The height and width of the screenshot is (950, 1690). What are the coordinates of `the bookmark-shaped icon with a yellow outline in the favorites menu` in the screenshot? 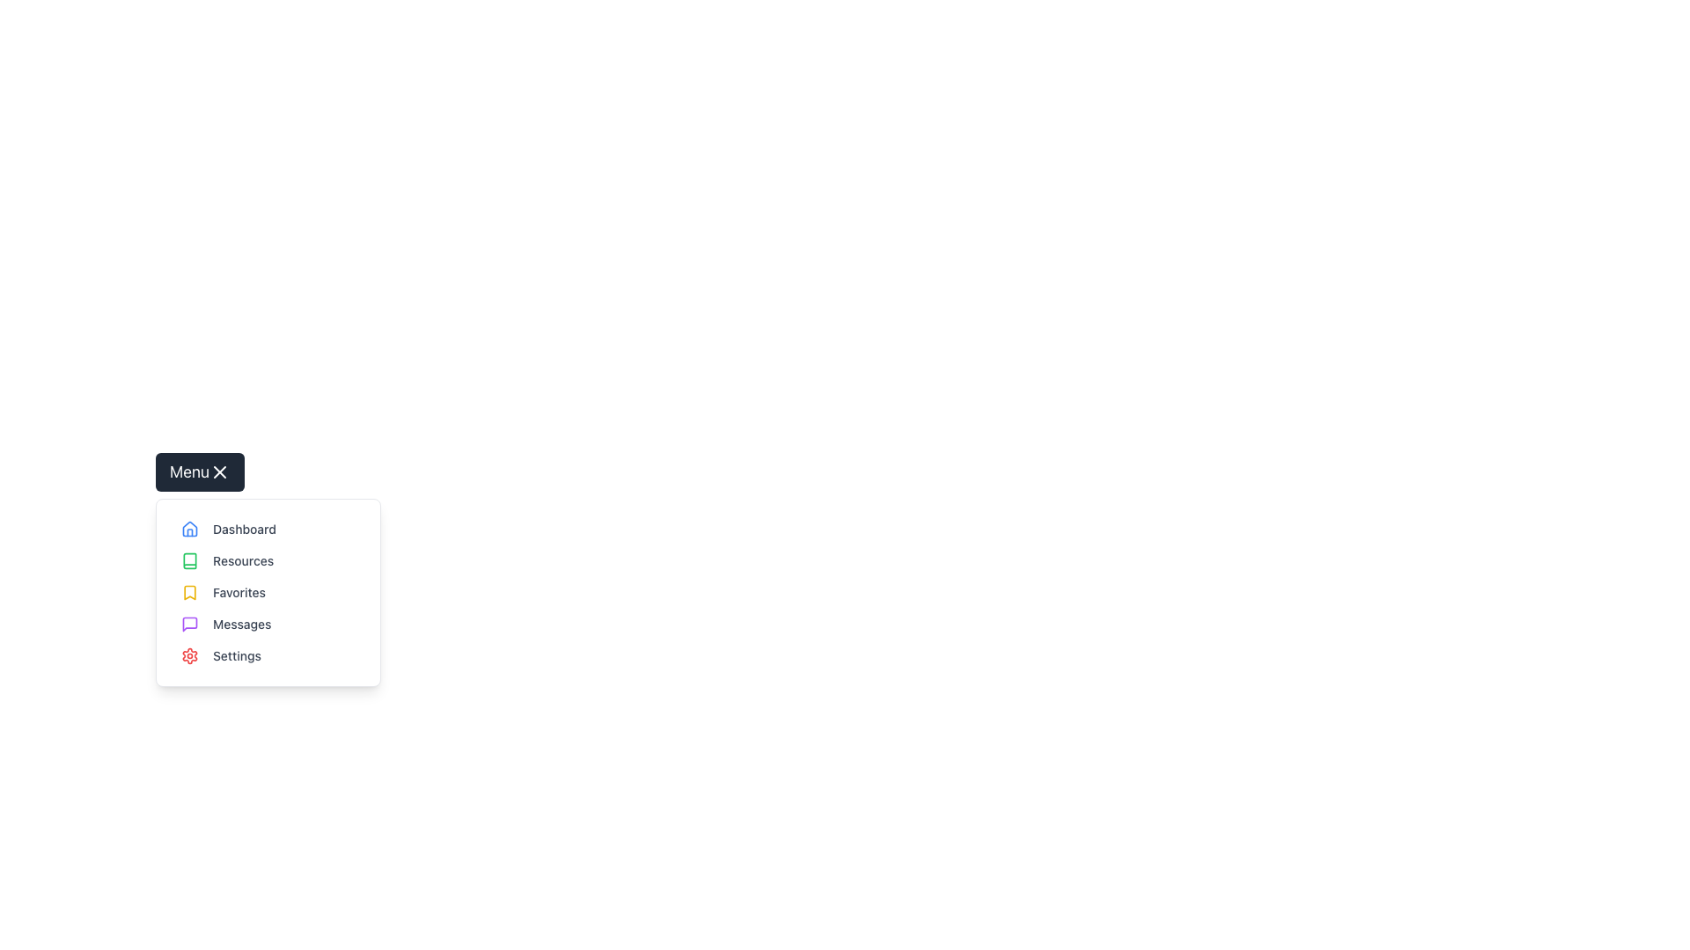 It's located at (190, 593).